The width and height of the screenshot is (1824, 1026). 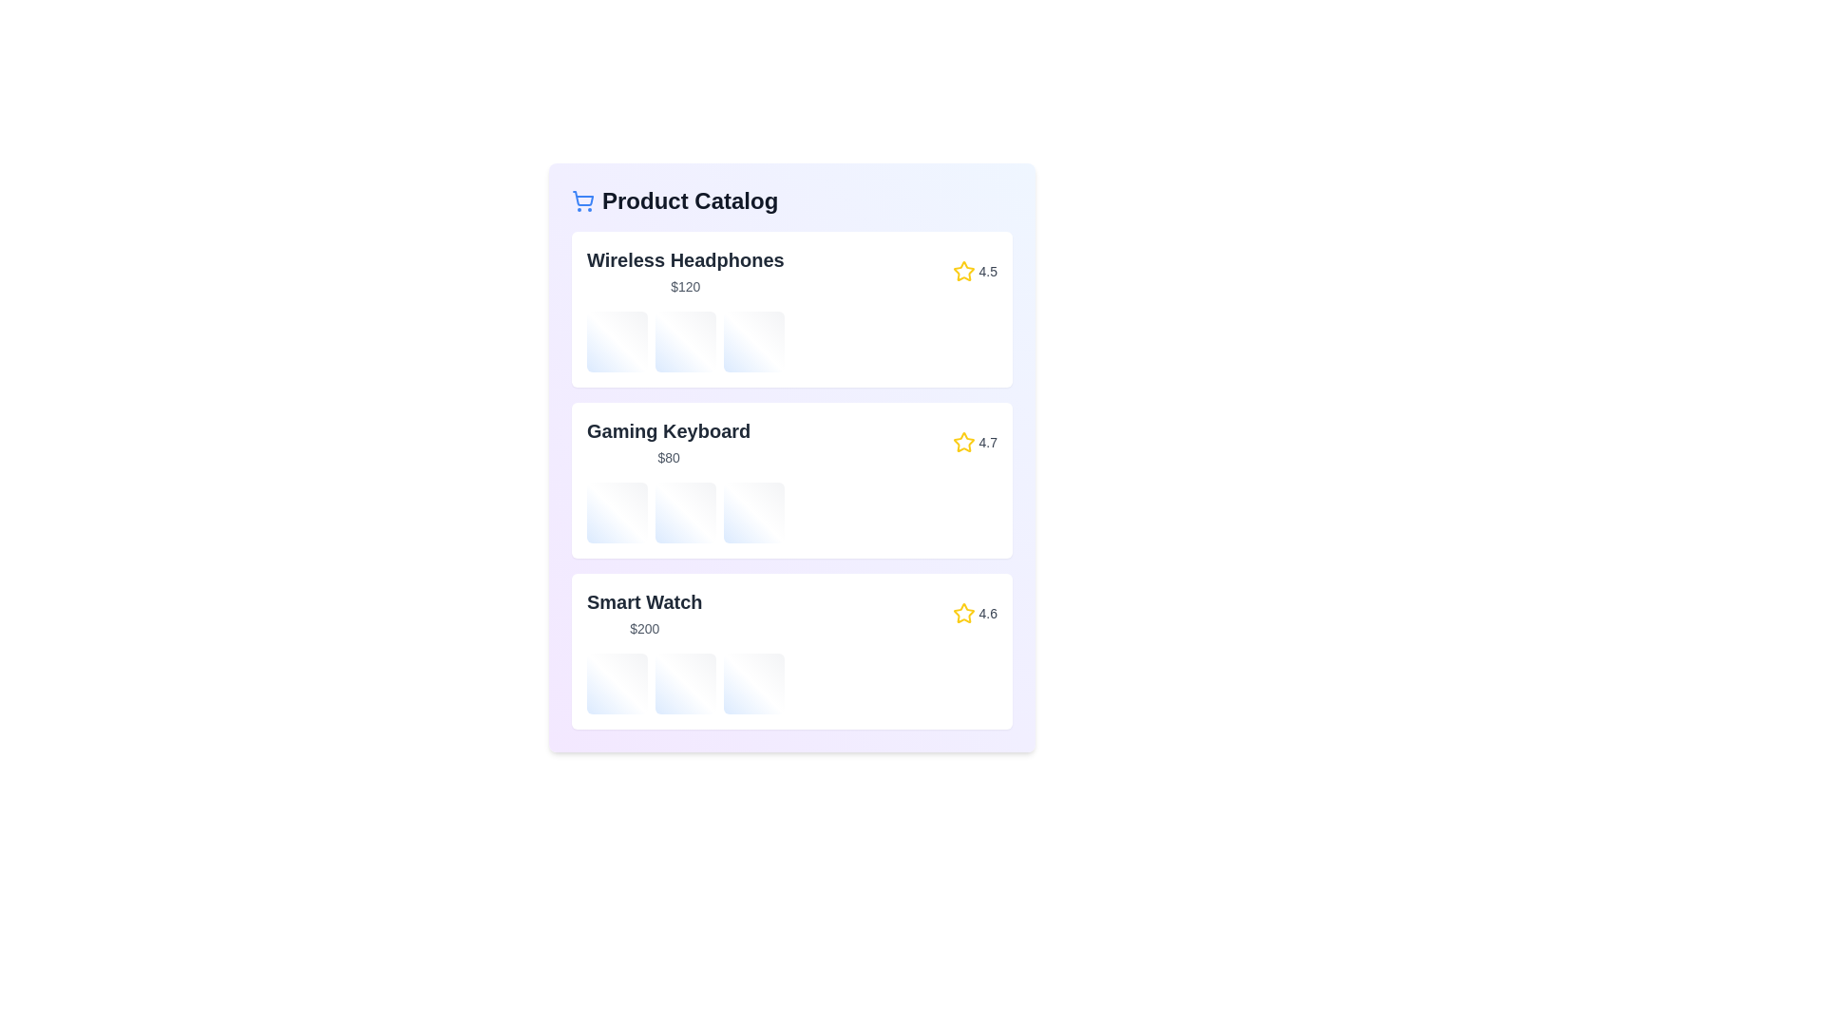 I want to click on the product named Gaming Keyboard to view its details, so click(x=792, y=479).